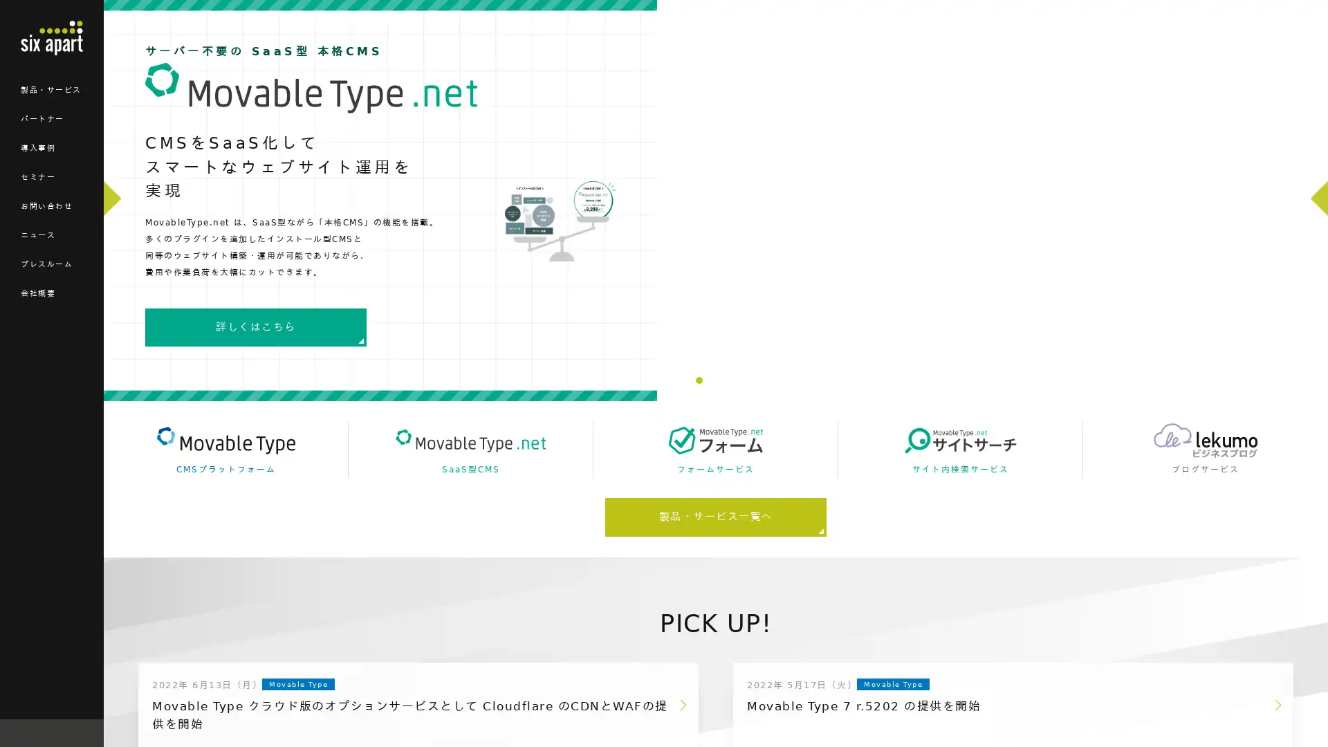 The width and height of the screenshot is (1328, 747). I want to click on 1, so click(699, 380).